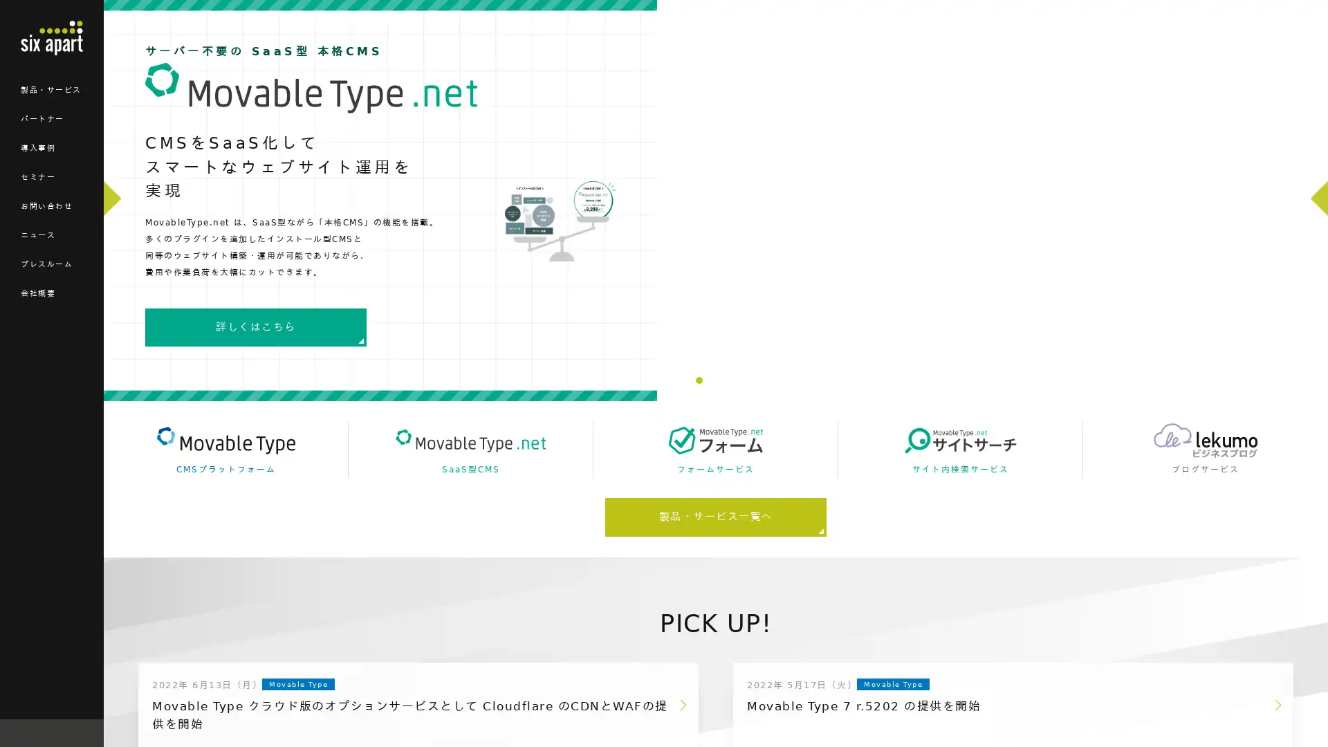 The width and height of the screenshot is (1328, 747). I want to click on 1, so click(699, 380).